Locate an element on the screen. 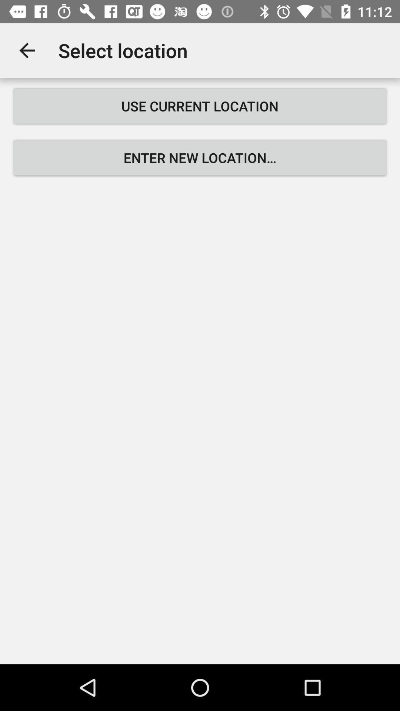  use current location icon is located at coordinates (200, 106).